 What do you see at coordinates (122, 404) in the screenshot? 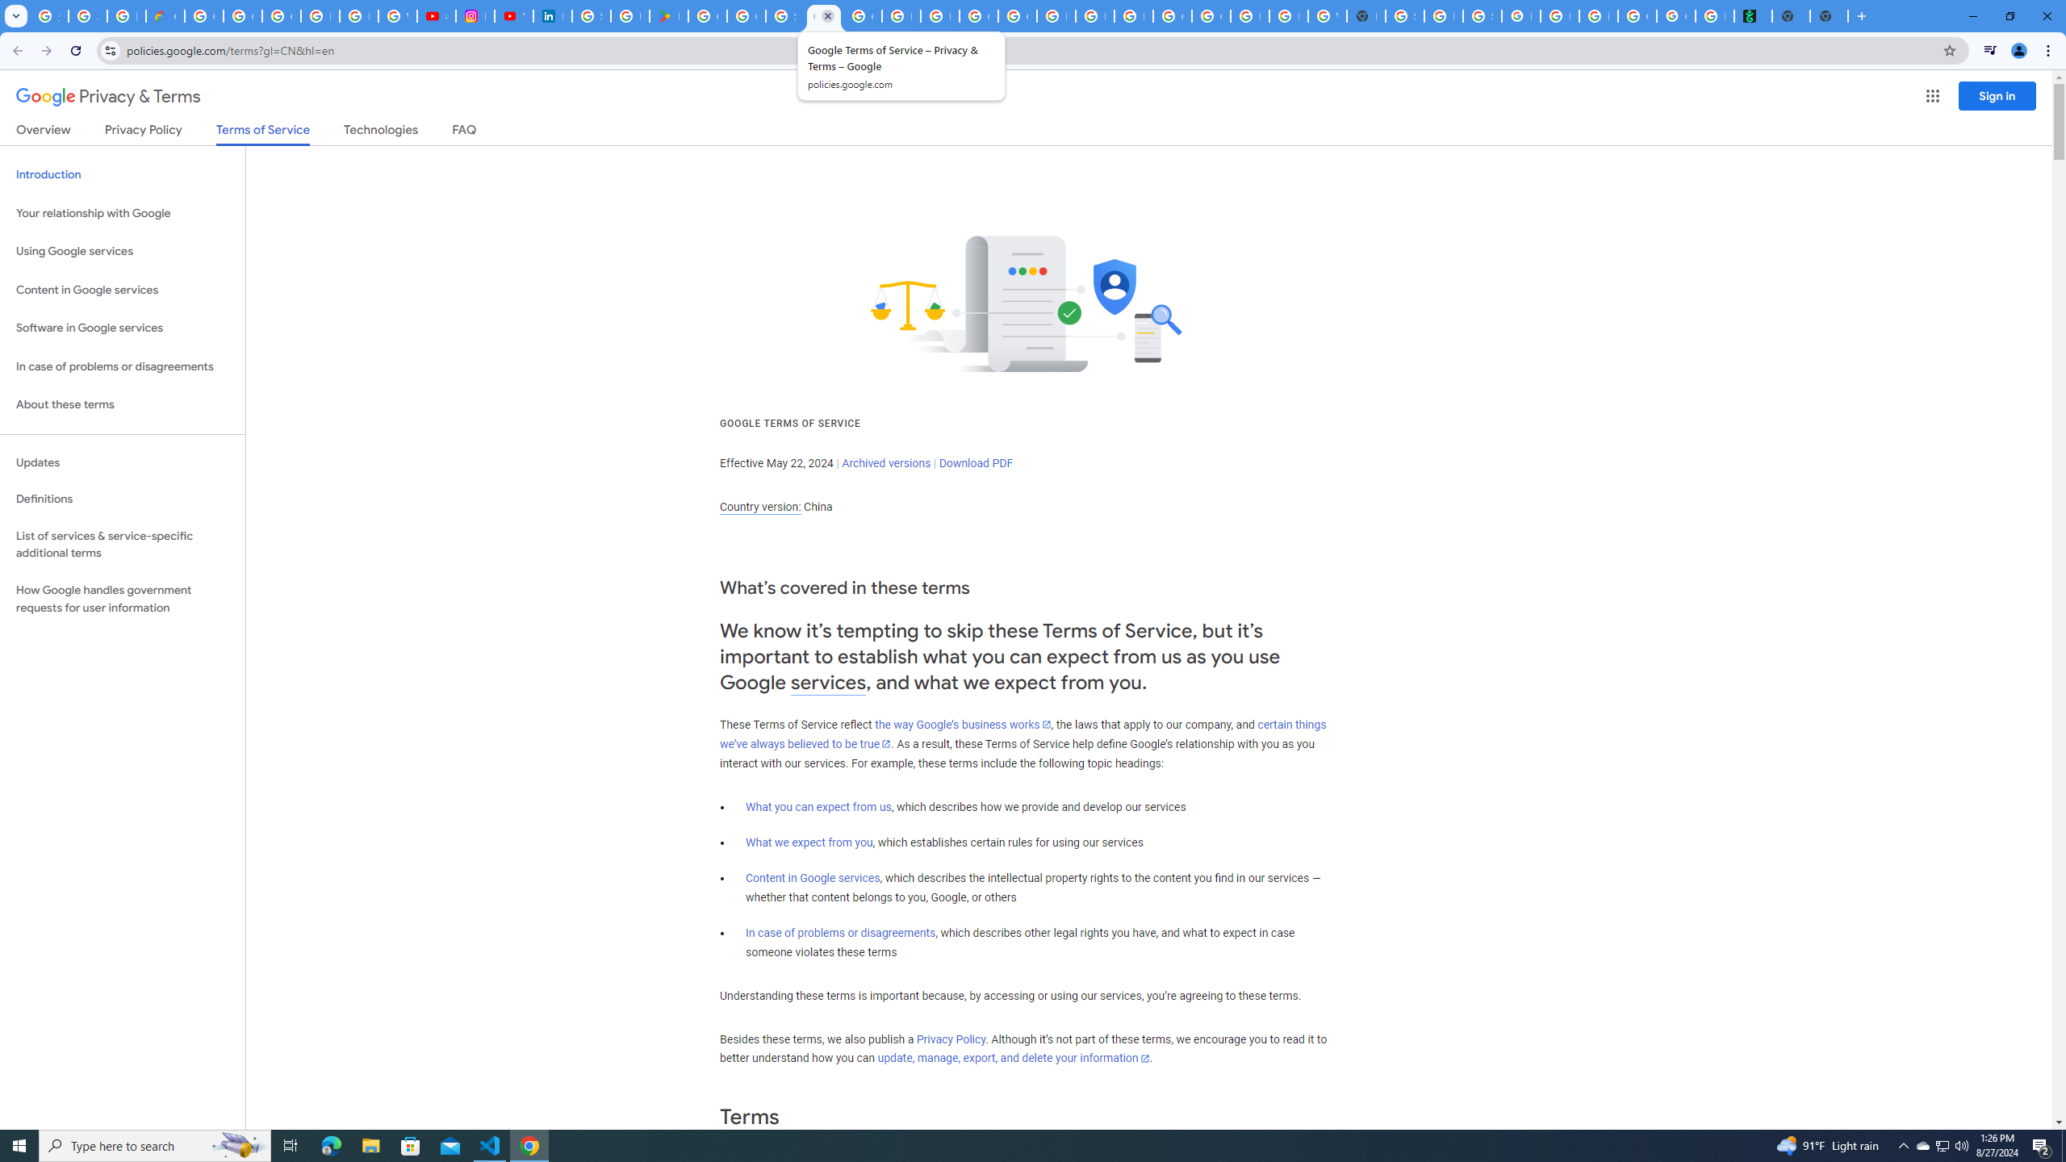
I see `'About these terms'` at bounding box center [122, 404].